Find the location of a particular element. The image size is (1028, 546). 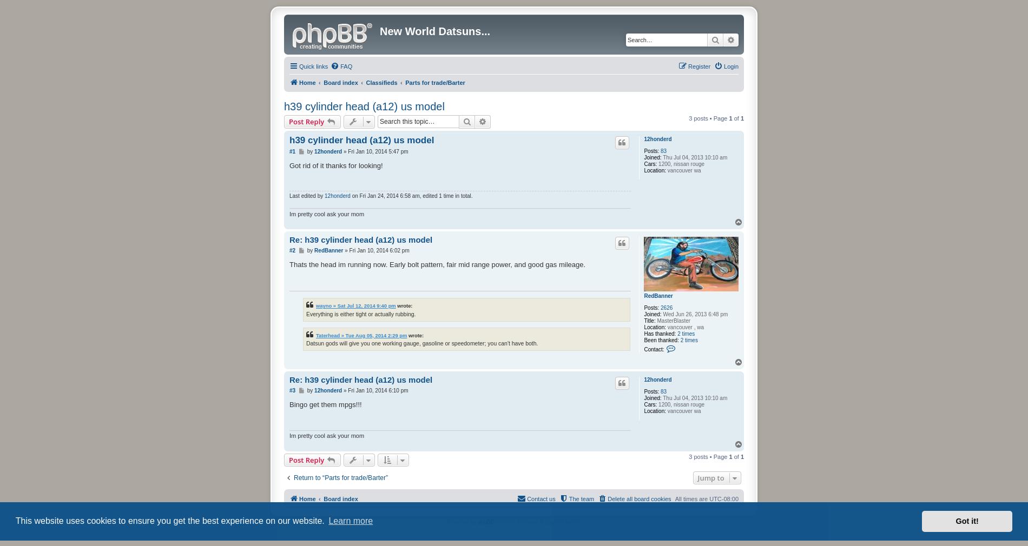

'Return to “Parts for trade/Barter”' is located at coordinates (341, 477).